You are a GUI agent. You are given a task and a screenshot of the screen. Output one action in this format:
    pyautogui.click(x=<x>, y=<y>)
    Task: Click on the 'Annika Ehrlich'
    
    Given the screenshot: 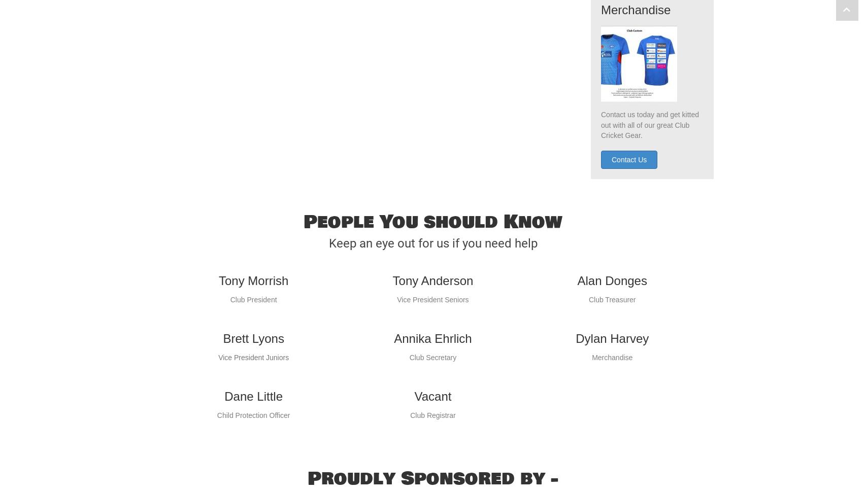 What is the action you would take?
    pyautogui.click(x=393, y=359)
    